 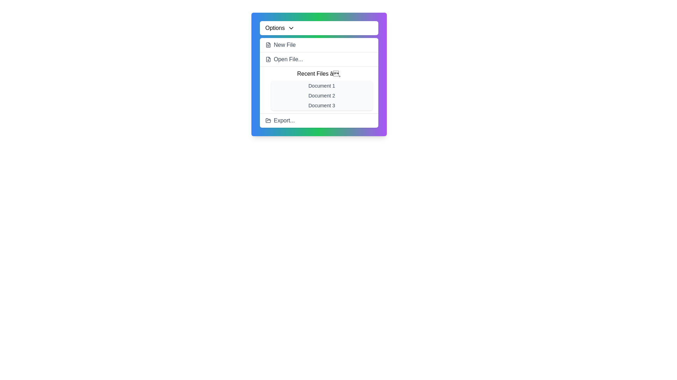 What do you see at coordinates (268, 59) in the screenshot?
I see `the document or file icon in the 'Recent Files' section, which is styled with a sheet outline and a folded corner, positioned to the left of a text label` at bounding box center [268, 59].